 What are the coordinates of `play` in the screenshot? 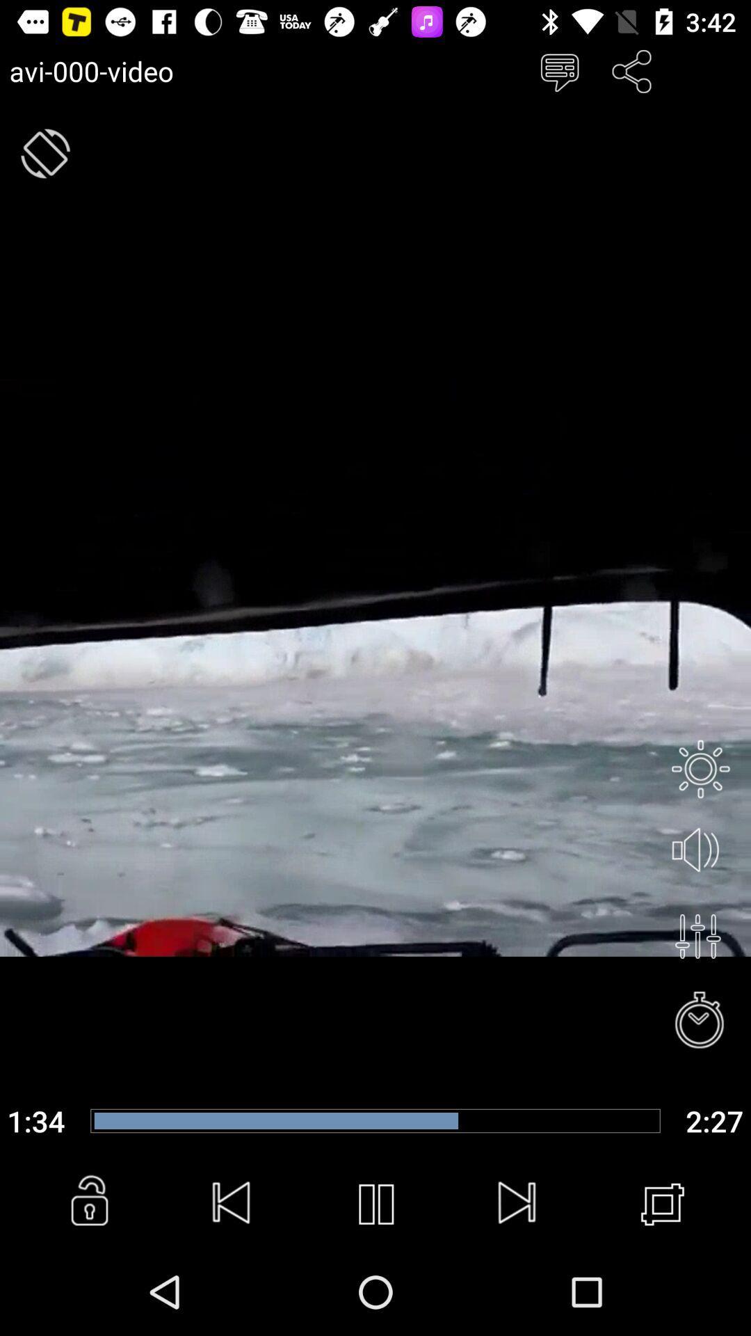 It's located at (375, 1204).